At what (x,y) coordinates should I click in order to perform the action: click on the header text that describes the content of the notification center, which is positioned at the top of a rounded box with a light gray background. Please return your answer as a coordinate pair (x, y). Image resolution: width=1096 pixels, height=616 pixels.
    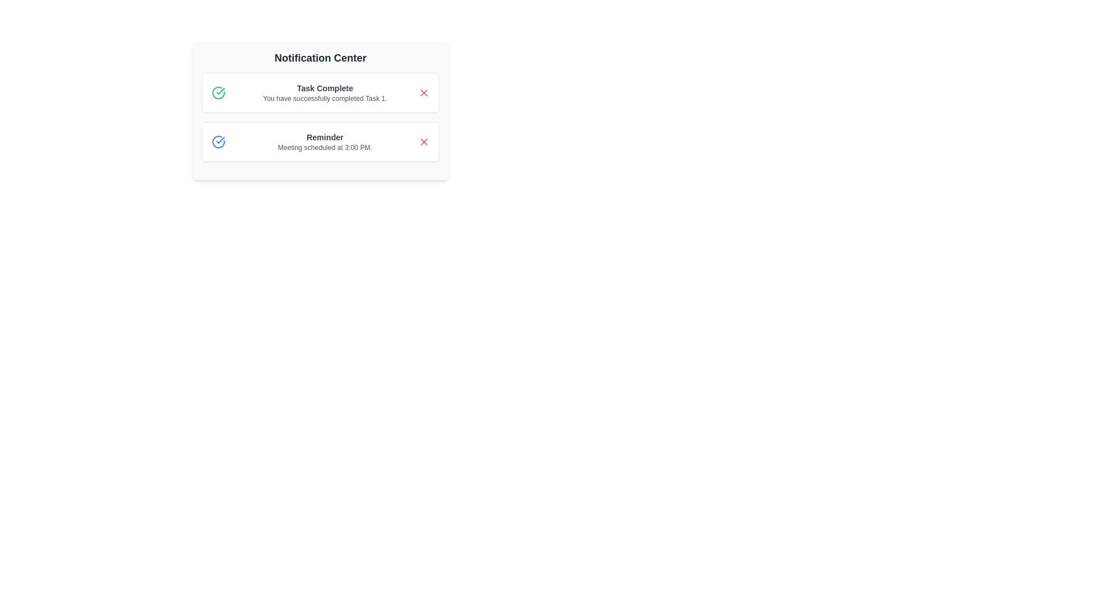
    Looking at the image, I should click on (320, 58).